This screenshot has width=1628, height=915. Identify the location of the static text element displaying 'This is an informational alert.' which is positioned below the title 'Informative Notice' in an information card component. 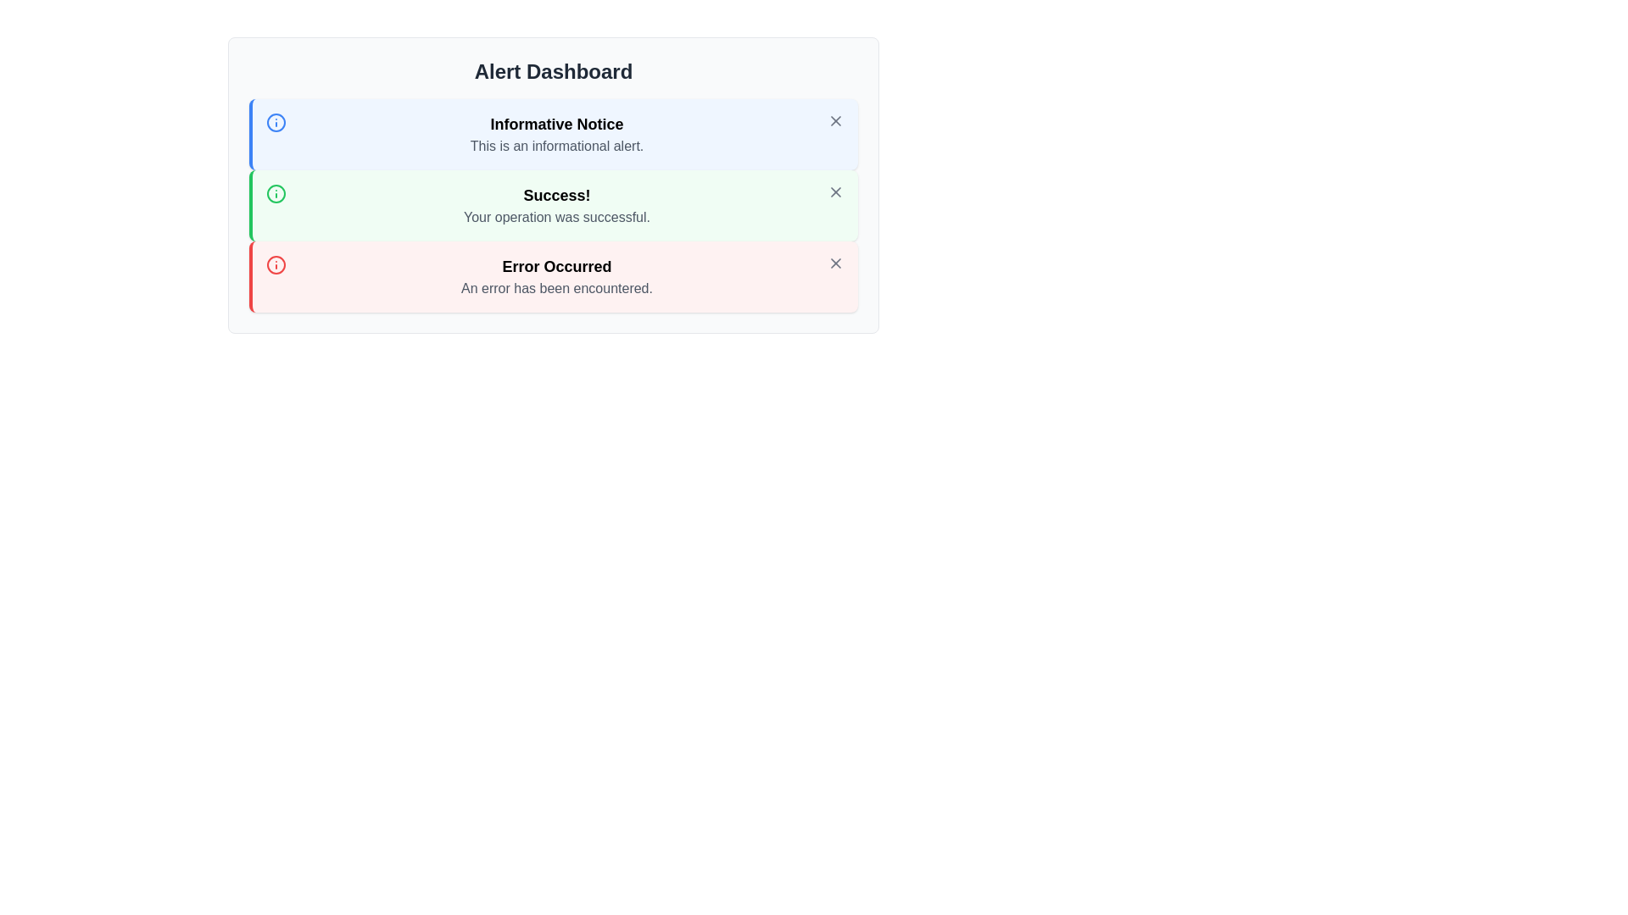
(557, 146).